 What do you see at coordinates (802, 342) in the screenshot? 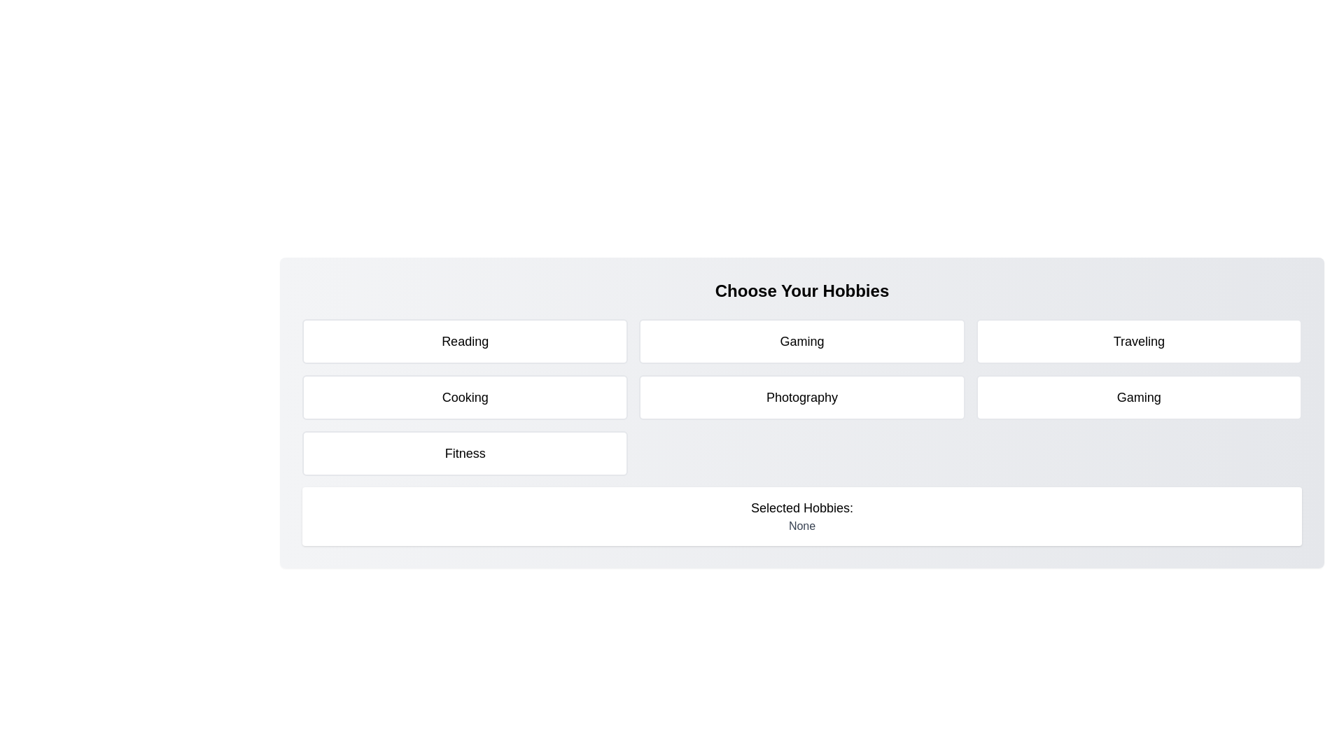
I see `the tile representing the hobby Gaming to toggle its selection` at bounding box center [802, 342].